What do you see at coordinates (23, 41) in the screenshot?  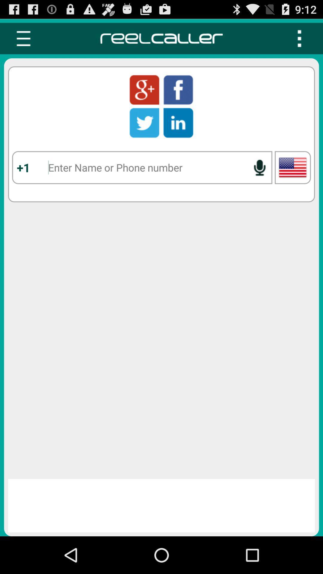 I see `the menu icon` at bounding box center [23, 41].